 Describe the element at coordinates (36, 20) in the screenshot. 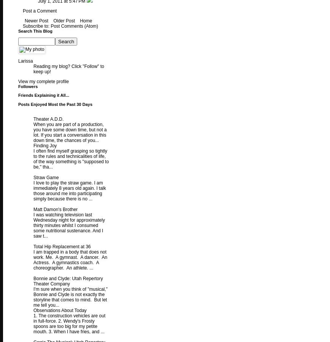

I see `'Newer Post'` at that location.